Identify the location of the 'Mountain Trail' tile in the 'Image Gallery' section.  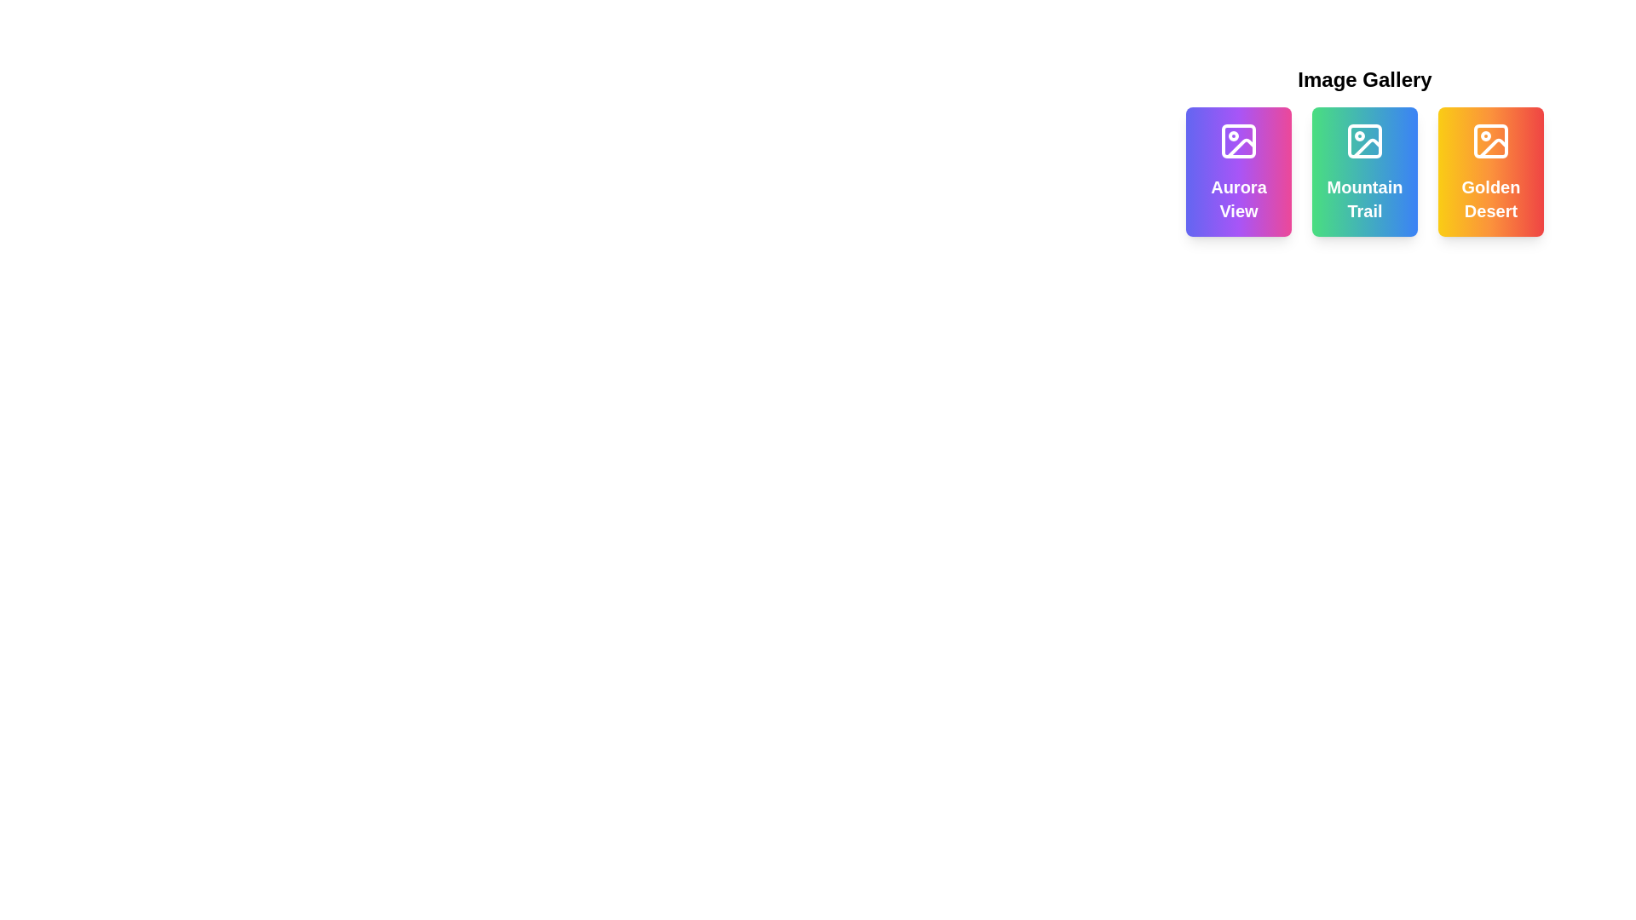
(1365, 171).